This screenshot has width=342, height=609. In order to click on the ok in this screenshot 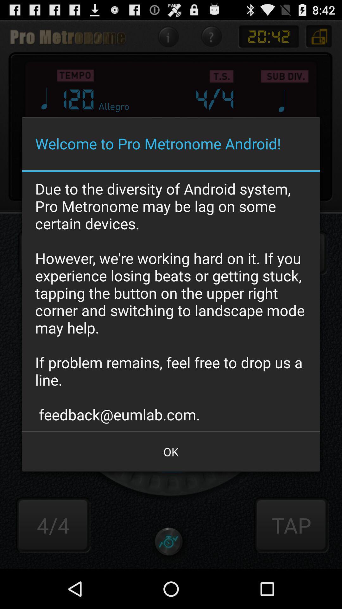, I will do `click(171, 451)`.